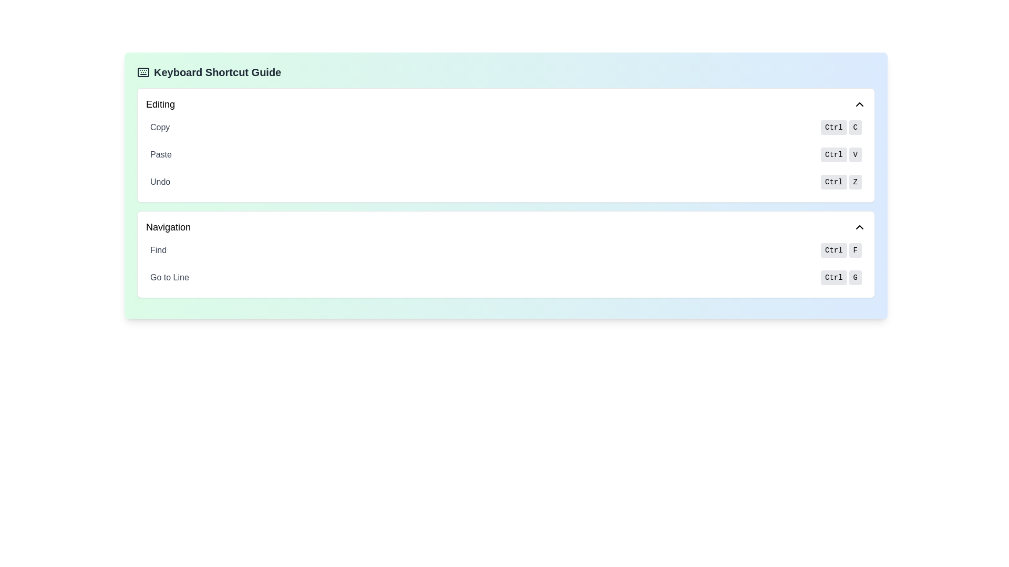 The height and width of the screenshot is (567, 1009). Describe the element at coordinates (860, 226) in the screenshot. I see `the toggle icon located in the upper-right corner of the 'Navigation' section` at that location.